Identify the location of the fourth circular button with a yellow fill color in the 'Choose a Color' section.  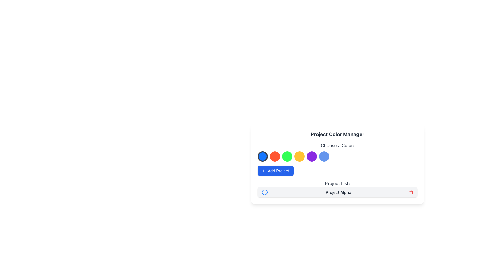
(300, 156).